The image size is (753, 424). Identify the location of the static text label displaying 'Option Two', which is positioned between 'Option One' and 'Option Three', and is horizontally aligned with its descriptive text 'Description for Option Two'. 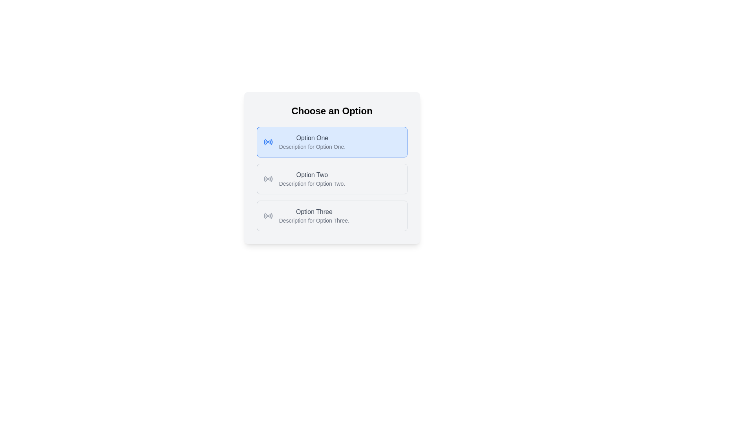
(311, 175).